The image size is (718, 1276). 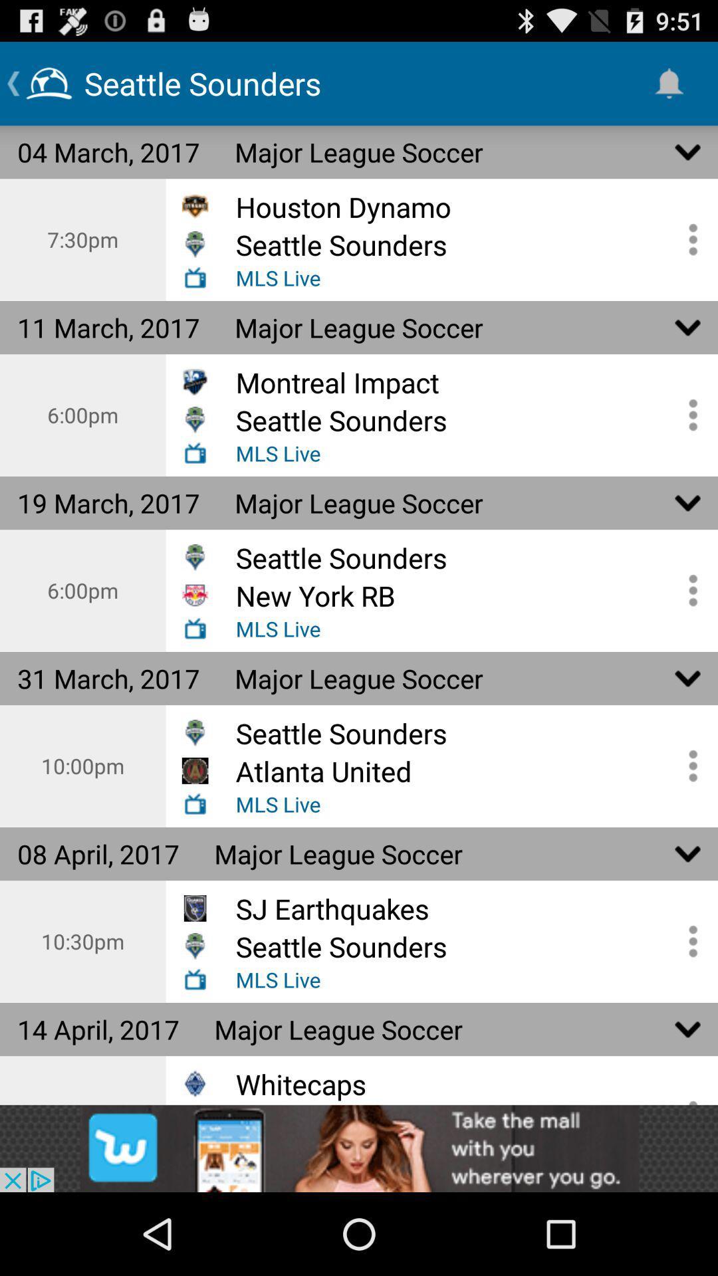 What do you see at coordinates (688, 239) in the screenshot?
I see `additional information` at bounding box center [688, 239].